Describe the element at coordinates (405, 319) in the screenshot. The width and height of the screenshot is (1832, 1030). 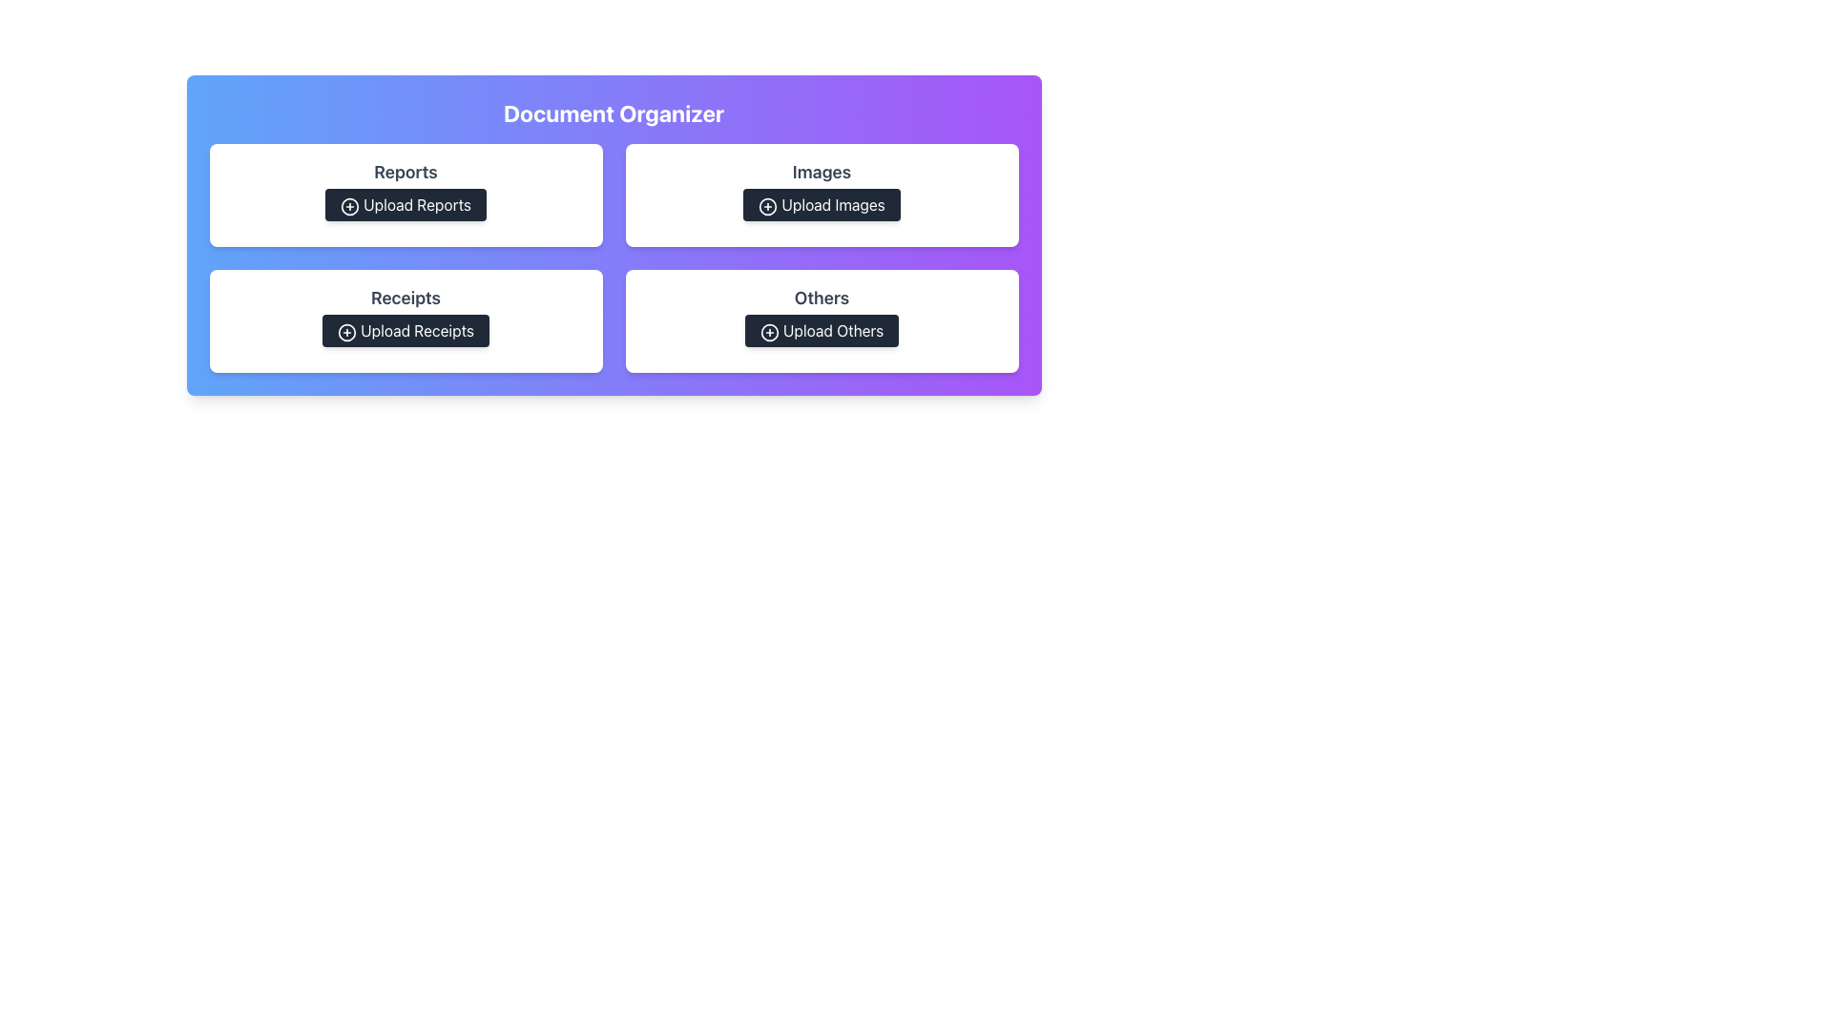
I see `the receipt upload button located in the bottom-left quadrant of the grid layout under the 'Receipts' header` at that location.